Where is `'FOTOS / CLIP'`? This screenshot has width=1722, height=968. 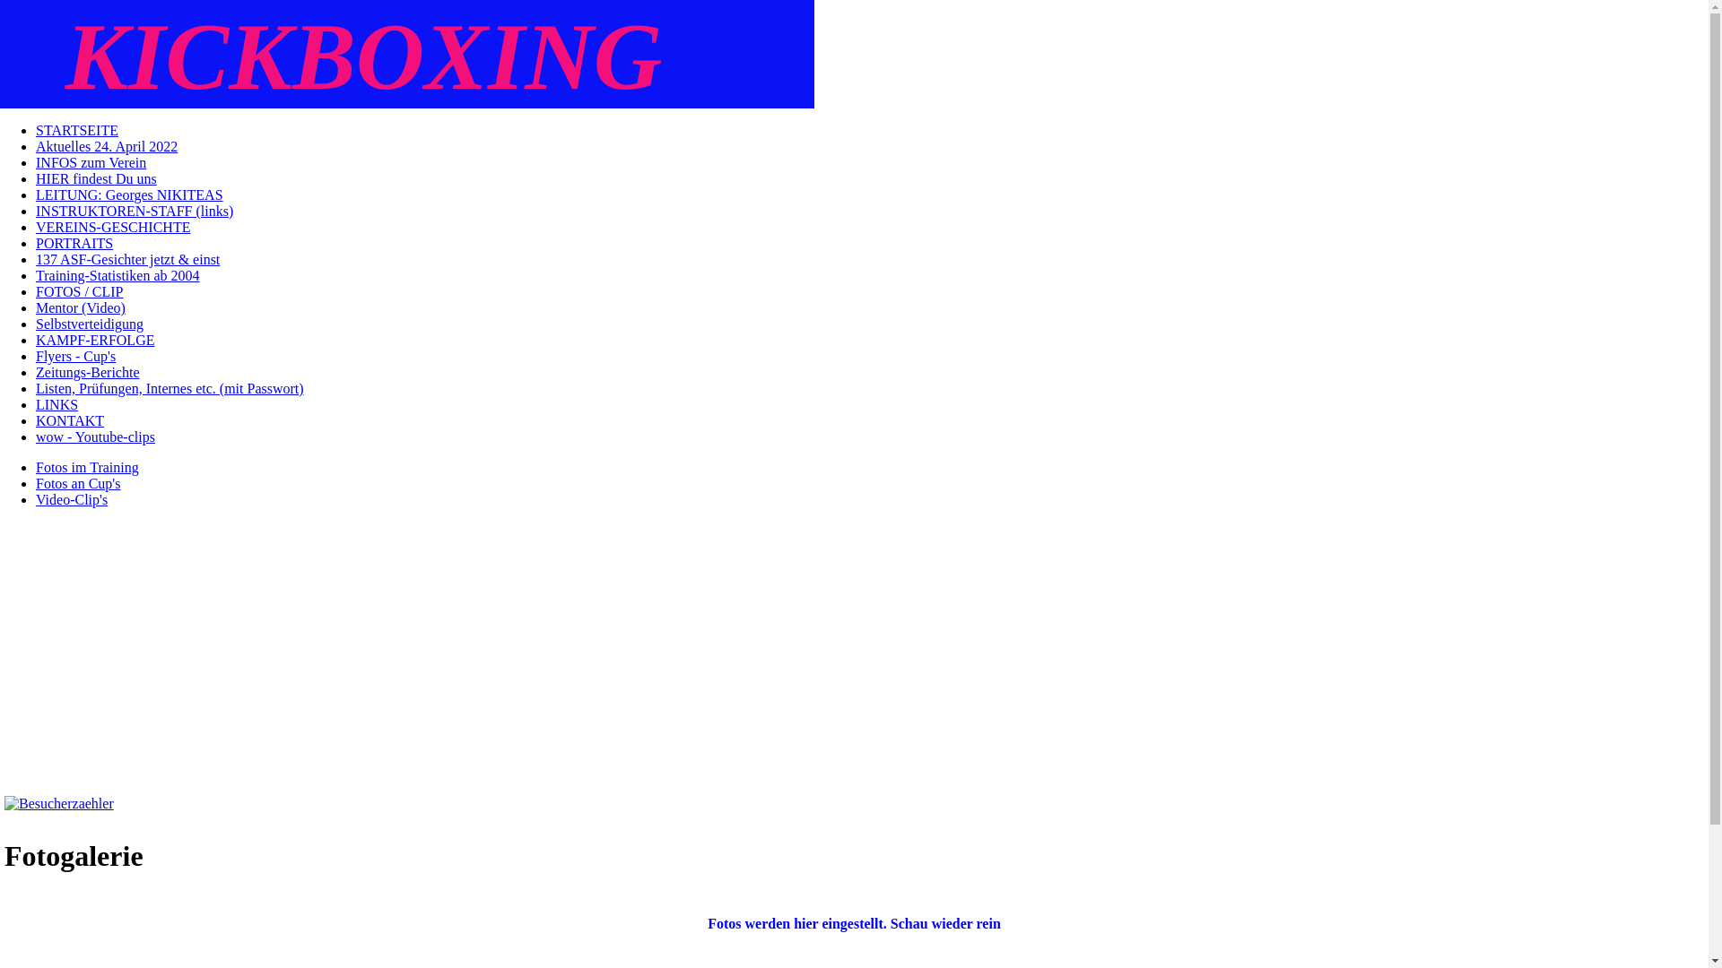 'FOTOS / CLIP' is located at coordinates (79, 290).